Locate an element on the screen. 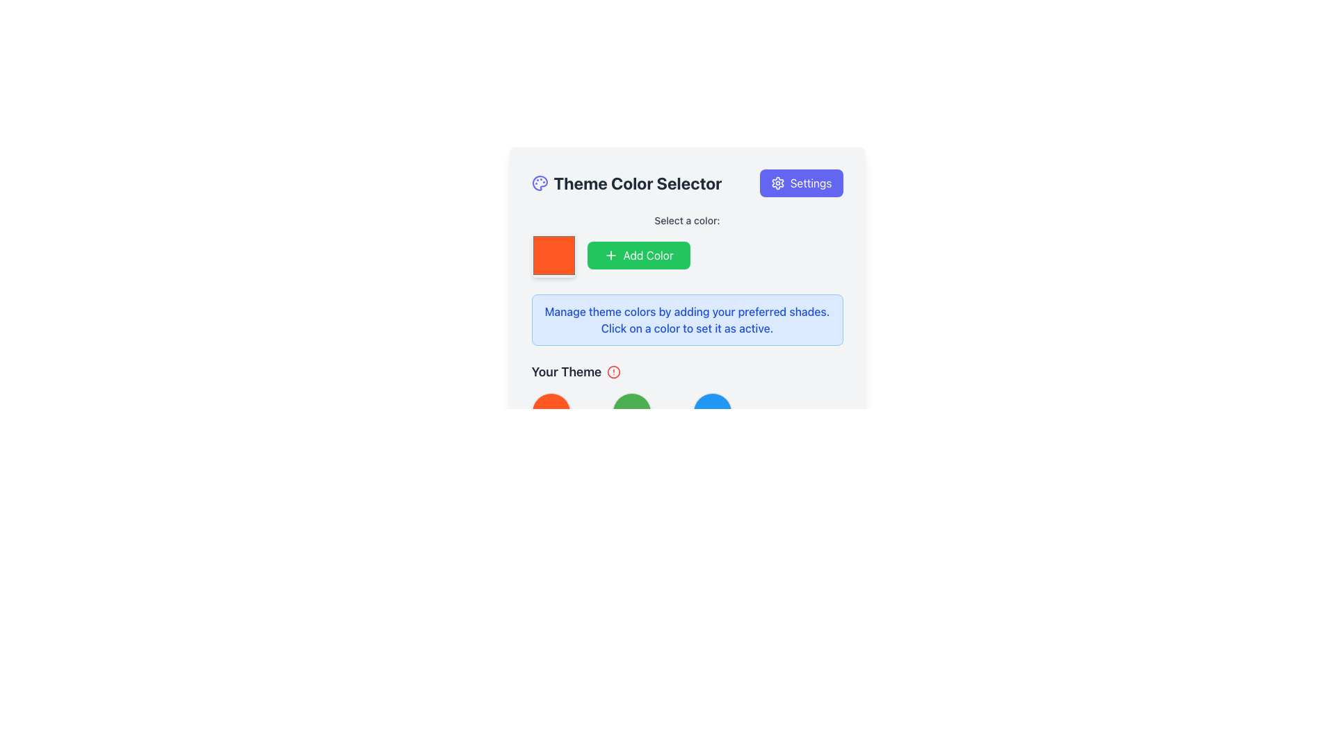 This screenshot has height=750, width=1335. the first circular color selection button for orange in the theme customization interface, located directly under the 'Your Theme' label is located at coordinates (550, 412).